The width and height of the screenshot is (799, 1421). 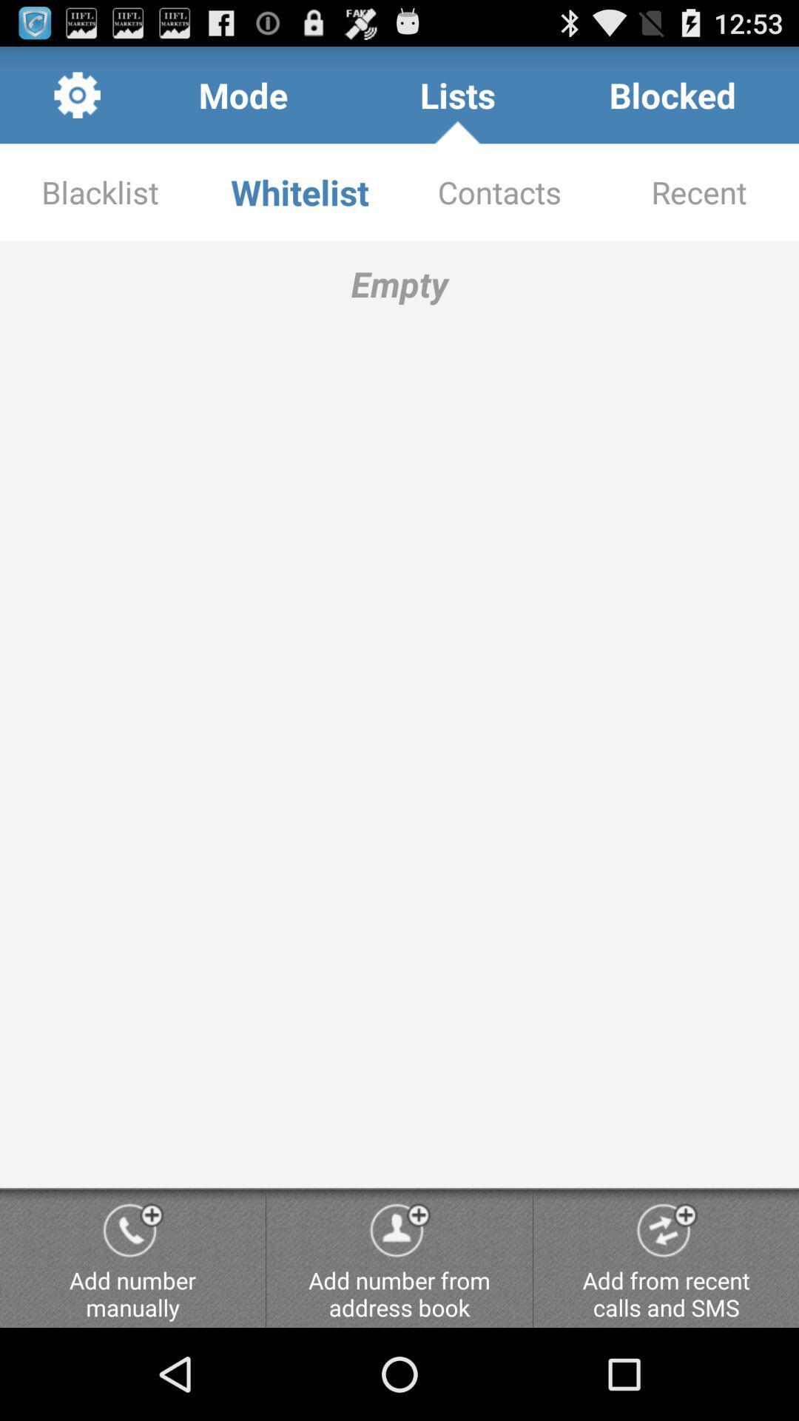 What do you see at coordinates (457, 94) in the screenshot?
I see `the item next to blocked item` at bounding box center [457, 94].